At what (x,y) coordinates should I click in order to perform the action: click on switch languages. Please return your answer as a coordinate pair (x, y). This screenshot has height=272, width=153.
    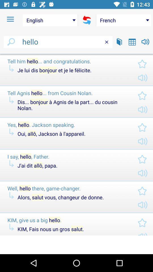
    Looking at the image, I should click on (87, 20).